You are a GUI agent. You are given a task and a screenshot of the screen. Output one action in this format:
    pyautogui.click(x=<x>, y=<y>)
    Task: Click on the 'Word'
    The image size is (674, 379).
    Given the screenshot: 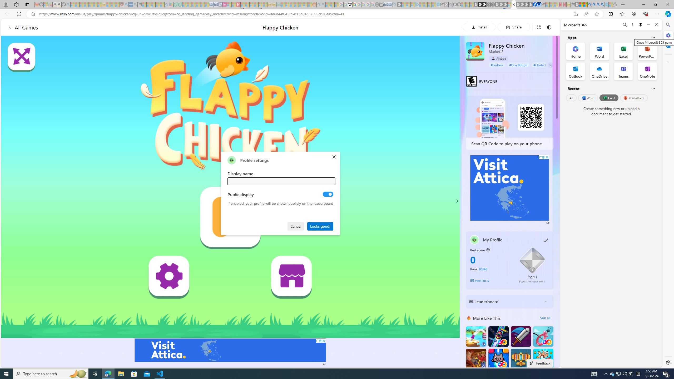 What is the action you would take?
    pyautogui.click(x=587, y=98)
    